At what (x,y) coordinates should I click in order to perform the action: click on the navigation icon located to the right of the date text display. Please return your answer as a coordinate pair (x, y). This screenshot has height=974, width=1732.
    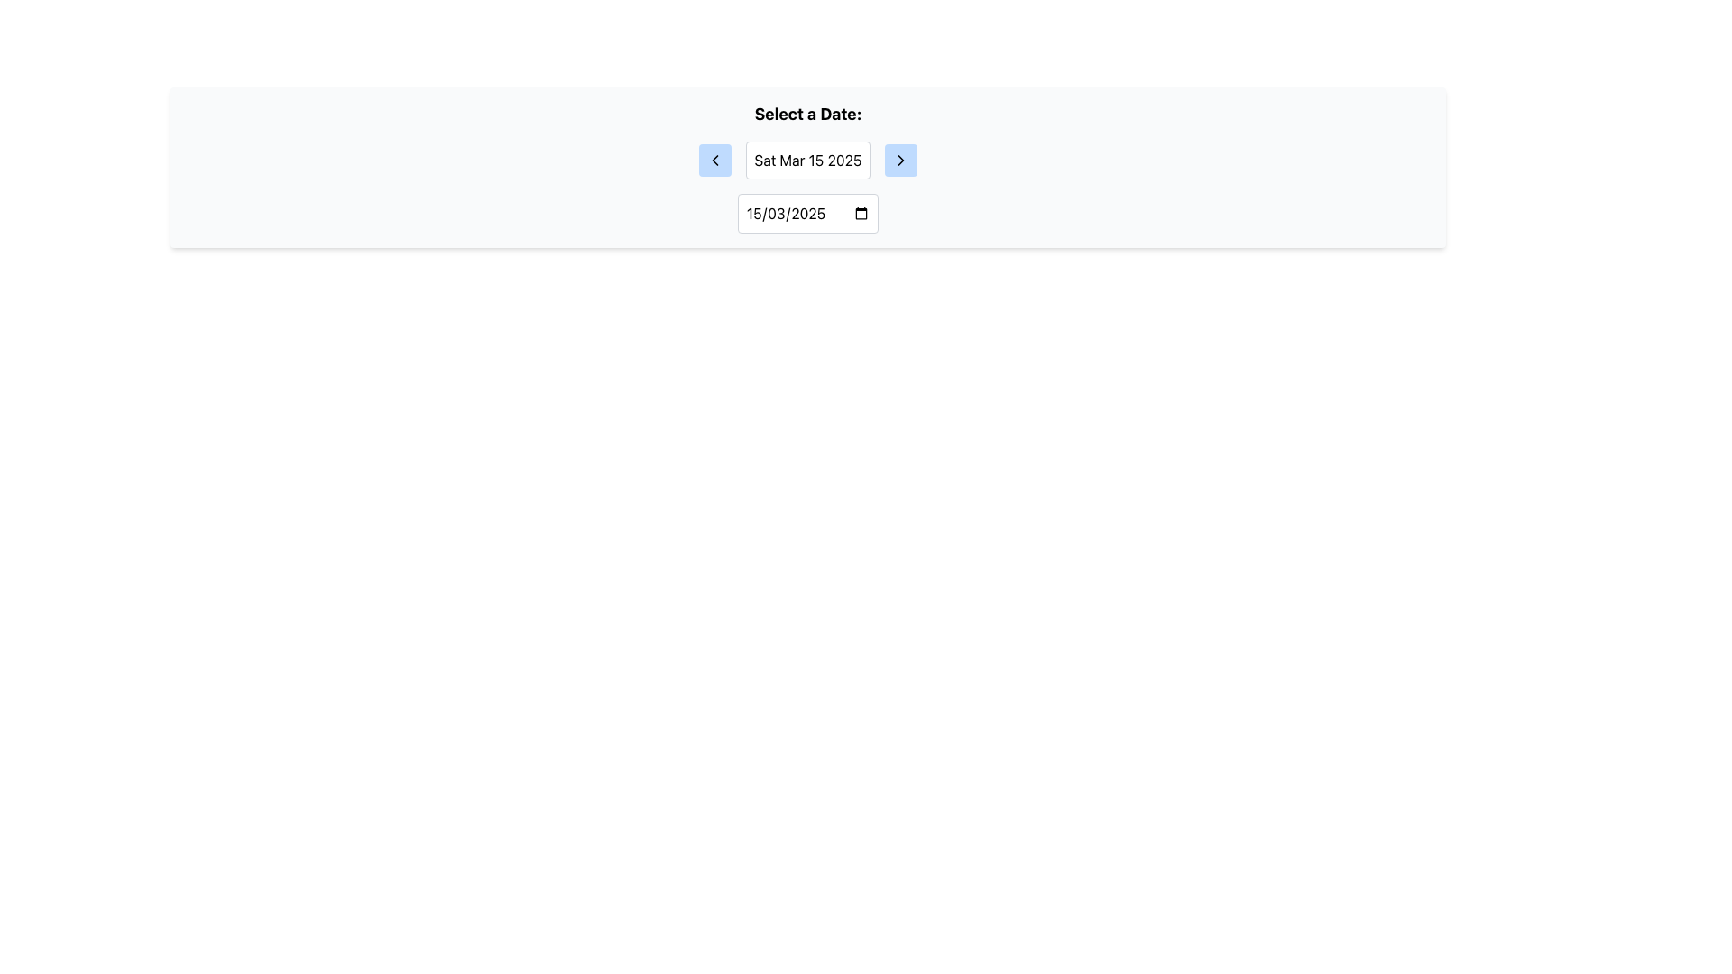
    Looking at the image, I should click on (900, 159).